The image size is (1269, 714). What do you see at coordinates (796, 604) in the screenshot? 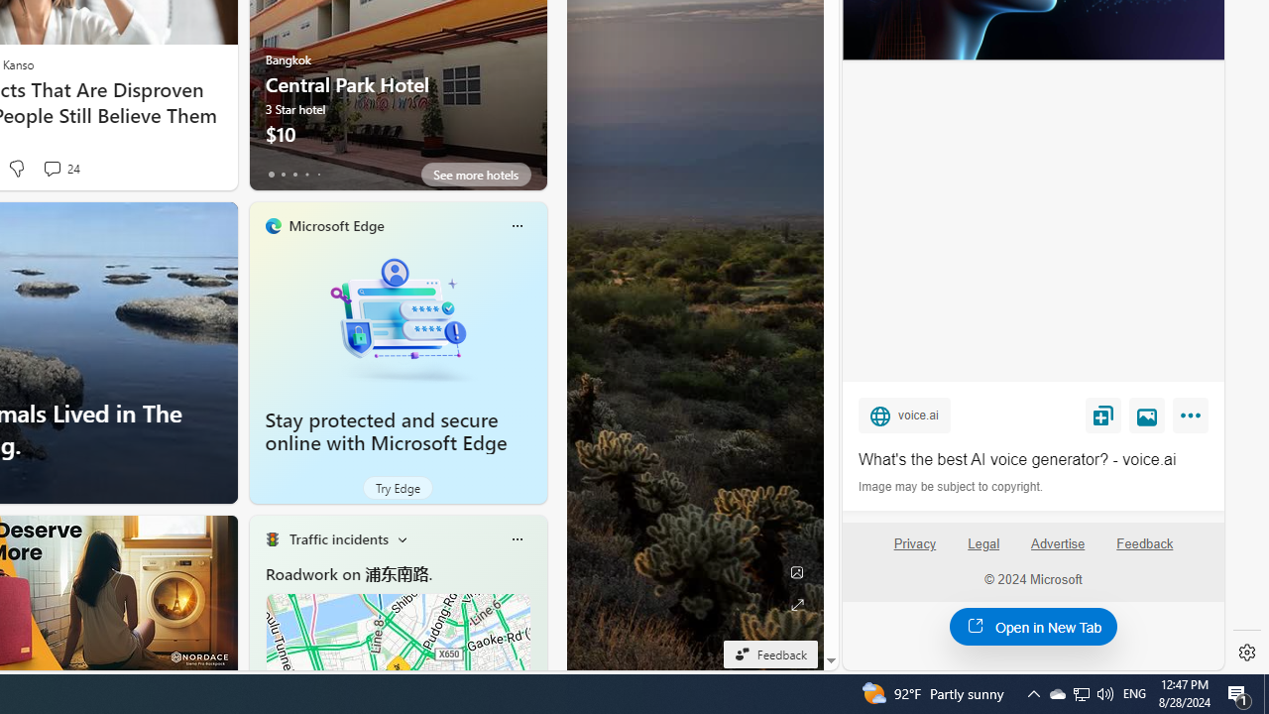
I see `'Expand background'` at bounding box center [796, 604].